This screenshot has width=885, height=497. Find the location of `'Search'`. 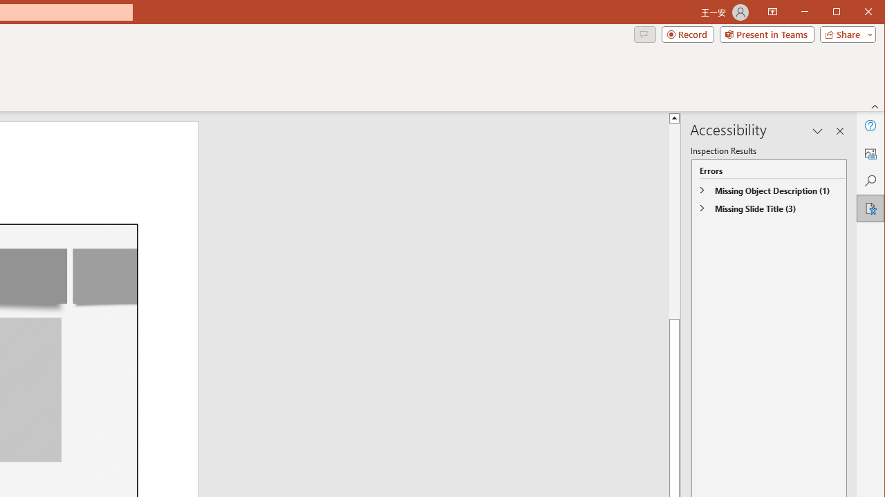

'Search' is located at coordinates (869, 180).